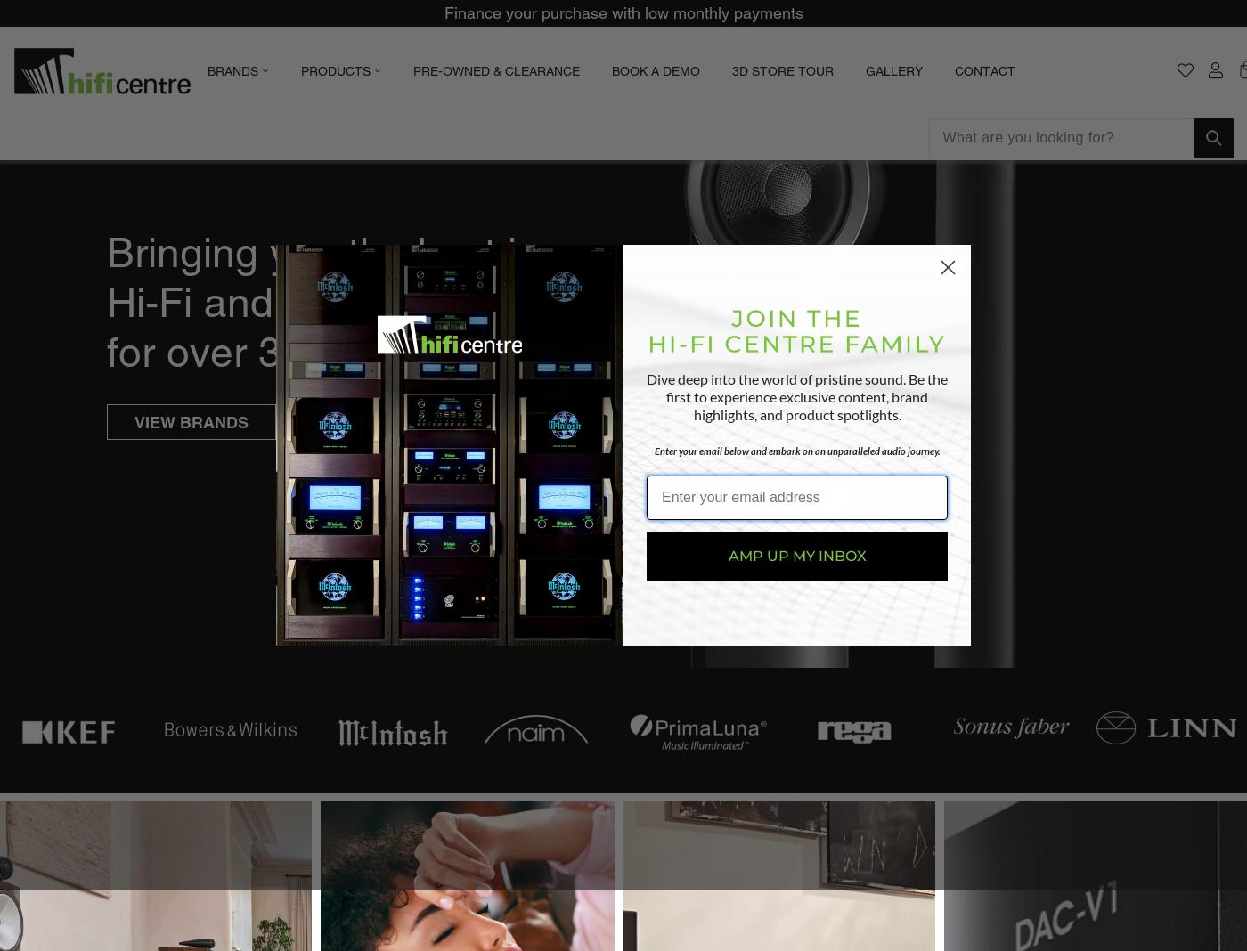  I want to click on 'Movie Servers', so click(401, 261).